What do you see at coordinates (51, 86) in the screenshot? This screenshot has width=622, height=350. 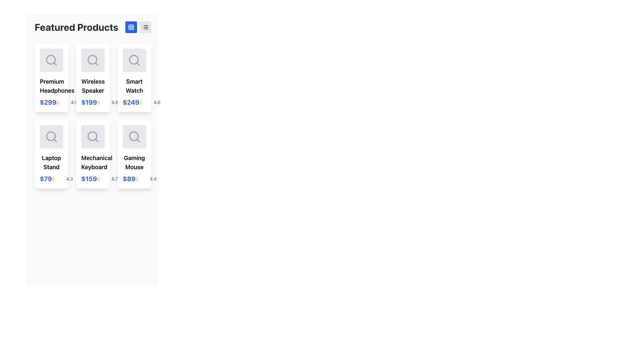 I see `the text label displaying 'Premium Headphones', which is a bold, large-size font in black color, located in the first card of the grid layout` at bounding box center [51, 86].